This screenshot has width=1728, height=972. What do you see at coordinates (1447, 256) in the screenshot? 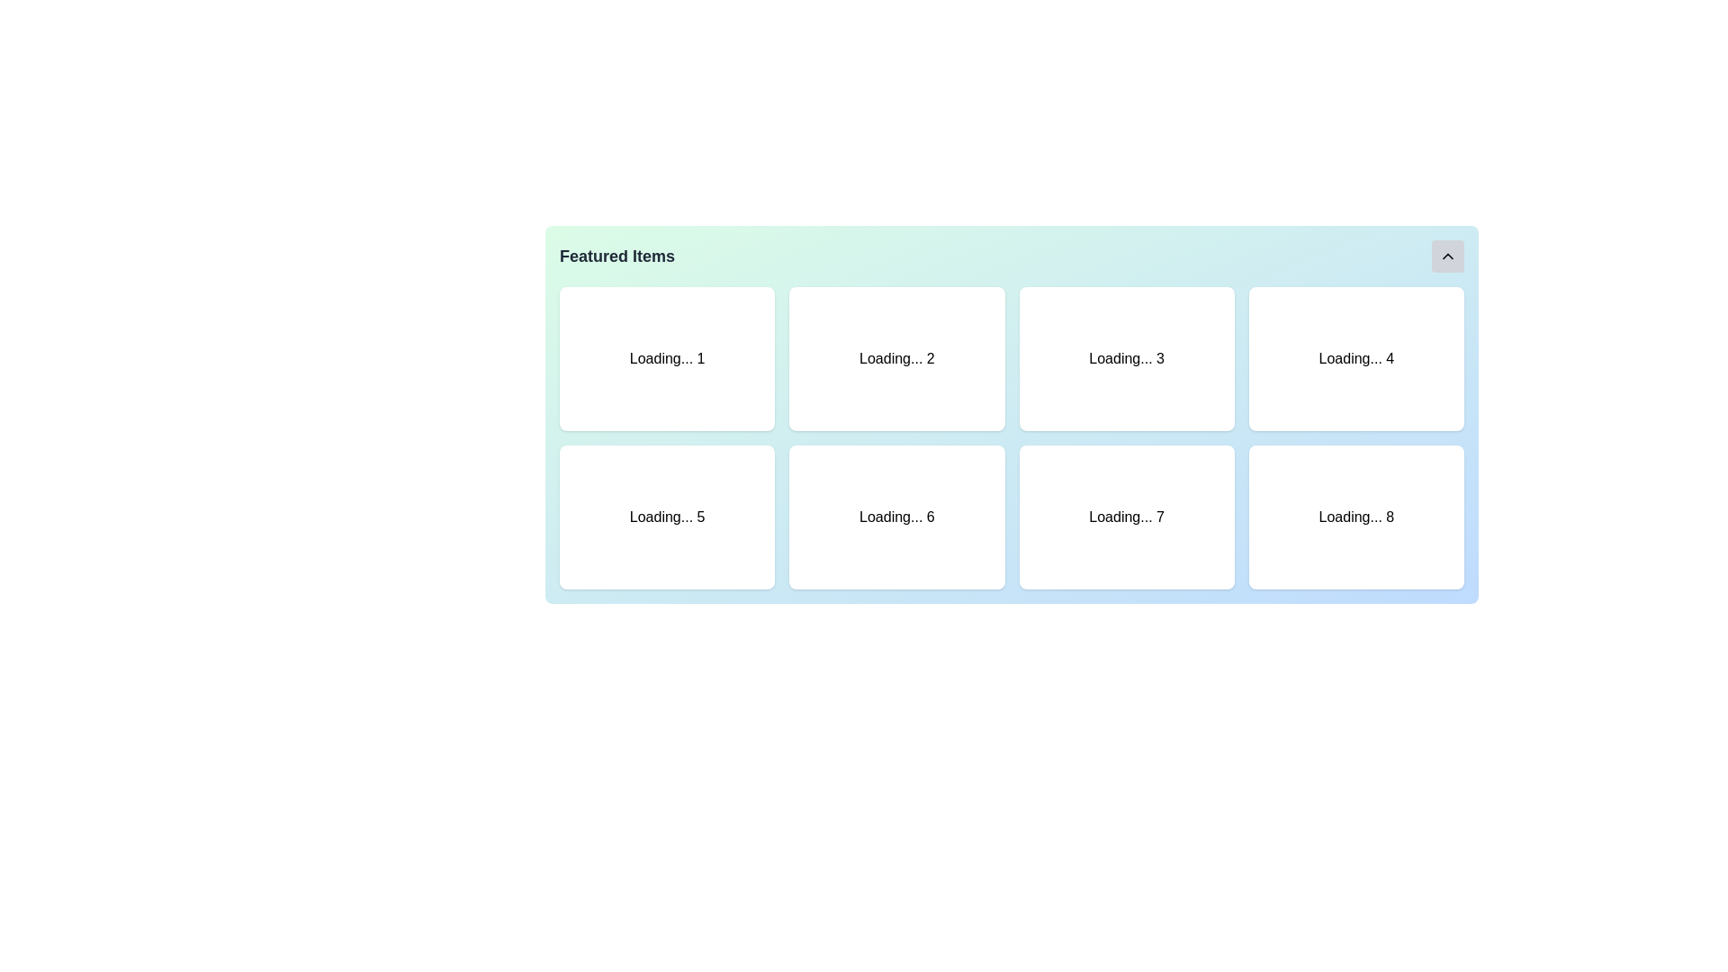
I see `the button with an embedded upward-pointing icon located in the top-right corner of the 'Featured Items' section` at bounding box center [1447, 256].